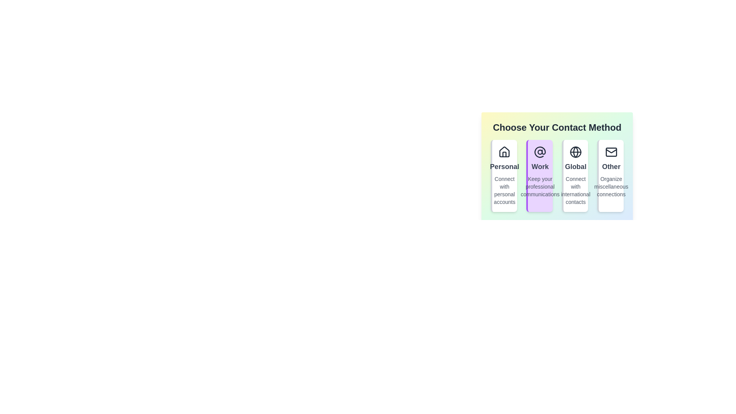 The height and width of the screenshot is (414, 736). What do you see at coordinates (610, 176) in the screenshot?
I see `the contact method Other to observe the animation effect` at bounding box center [610, 176].